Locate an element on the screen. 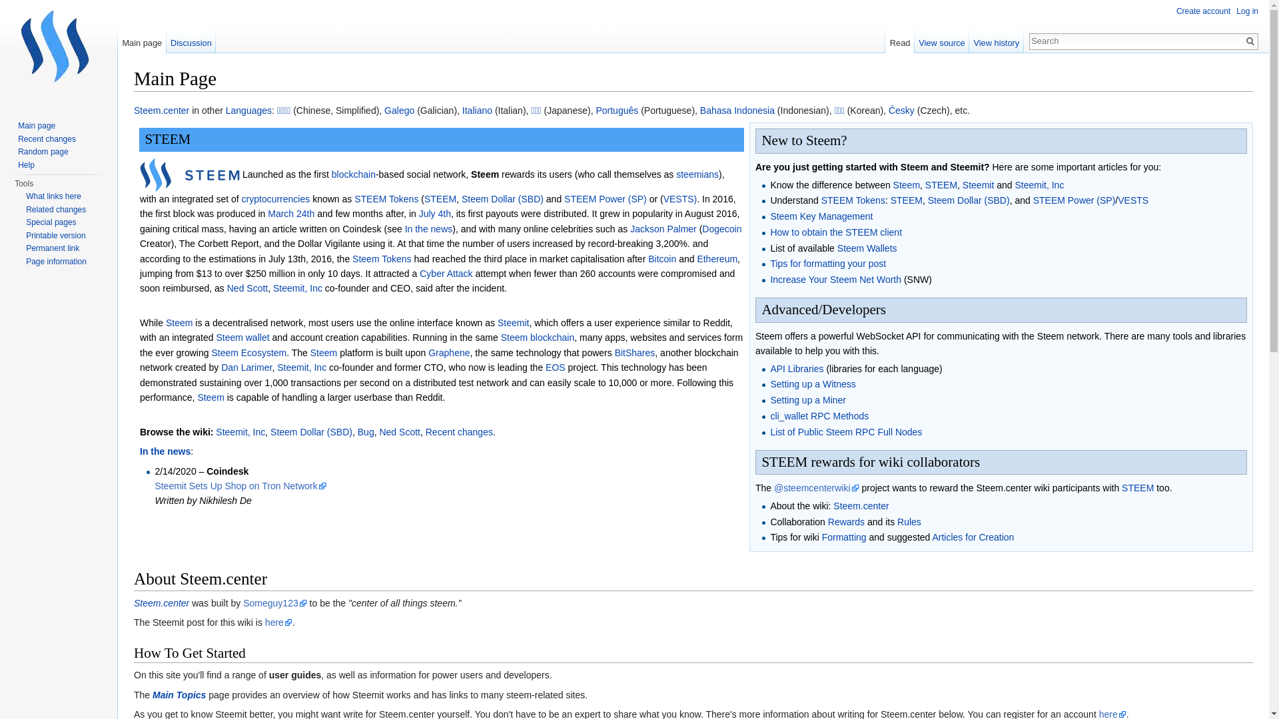  'Visit the main page' is located at coordinates (57, 53).